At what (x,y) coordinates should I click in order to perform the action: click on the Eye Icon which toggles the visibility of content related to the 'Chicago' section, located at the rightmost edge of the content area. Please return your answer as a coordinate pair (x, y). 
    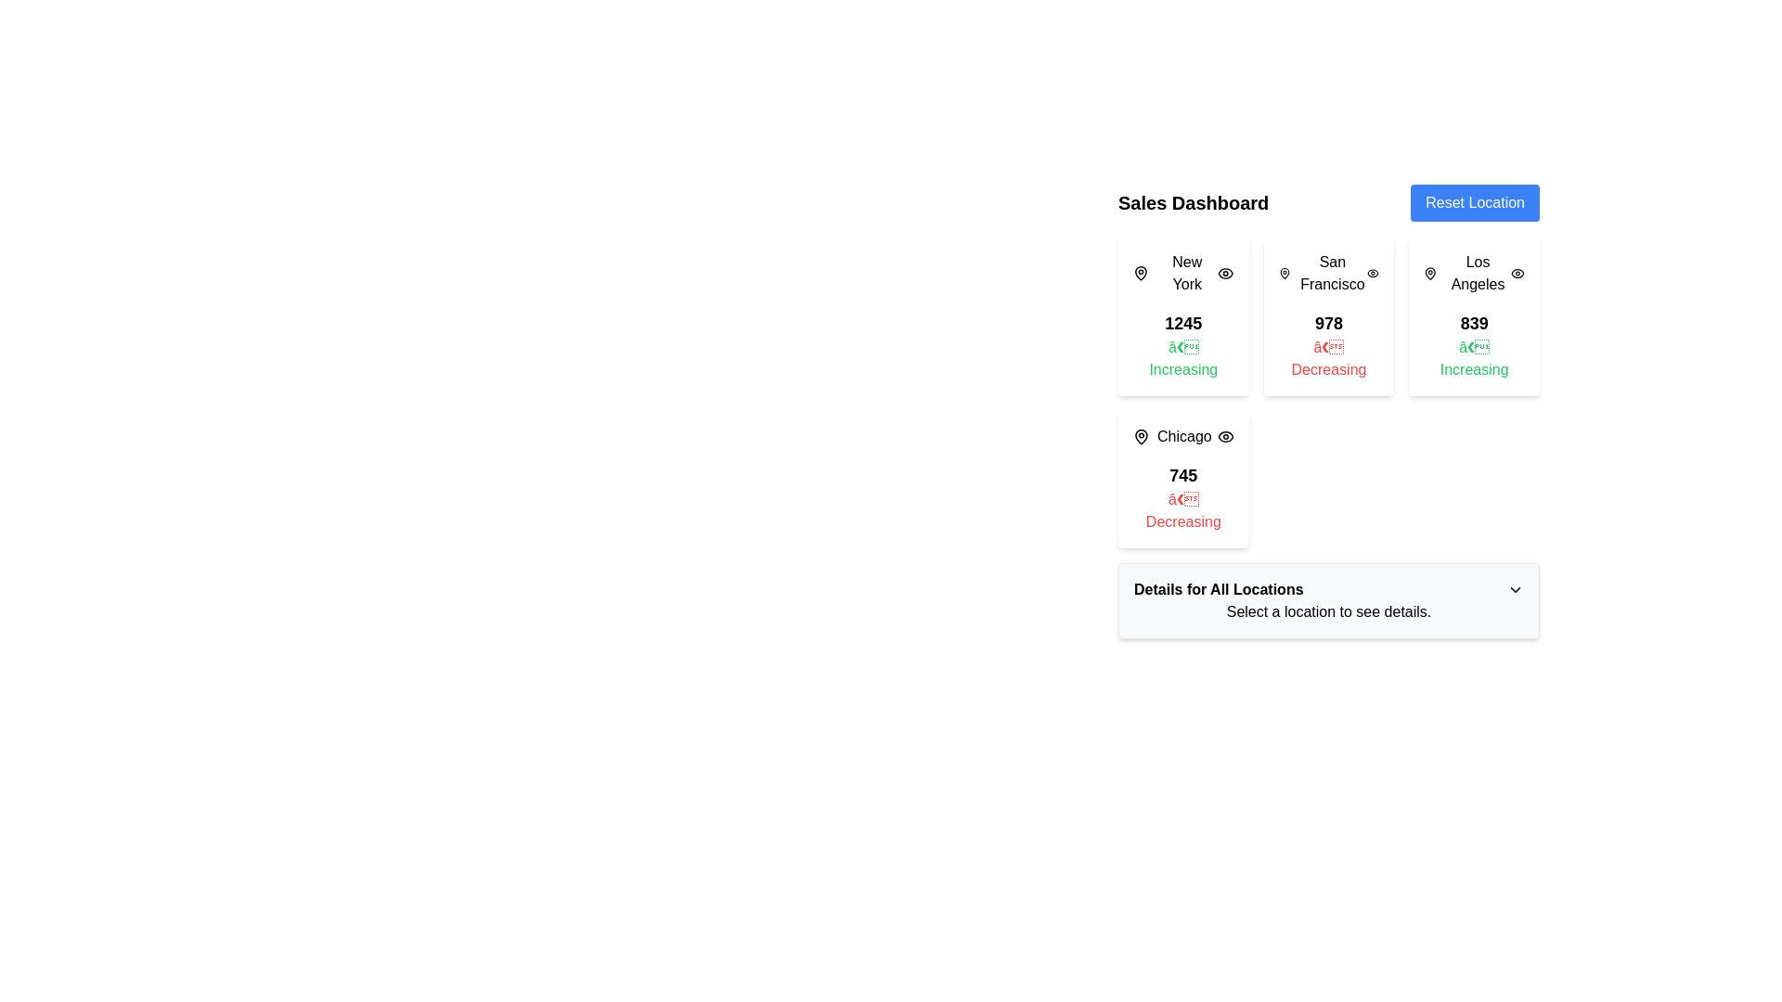
    Looking at the image, I should click on (1225, 436).